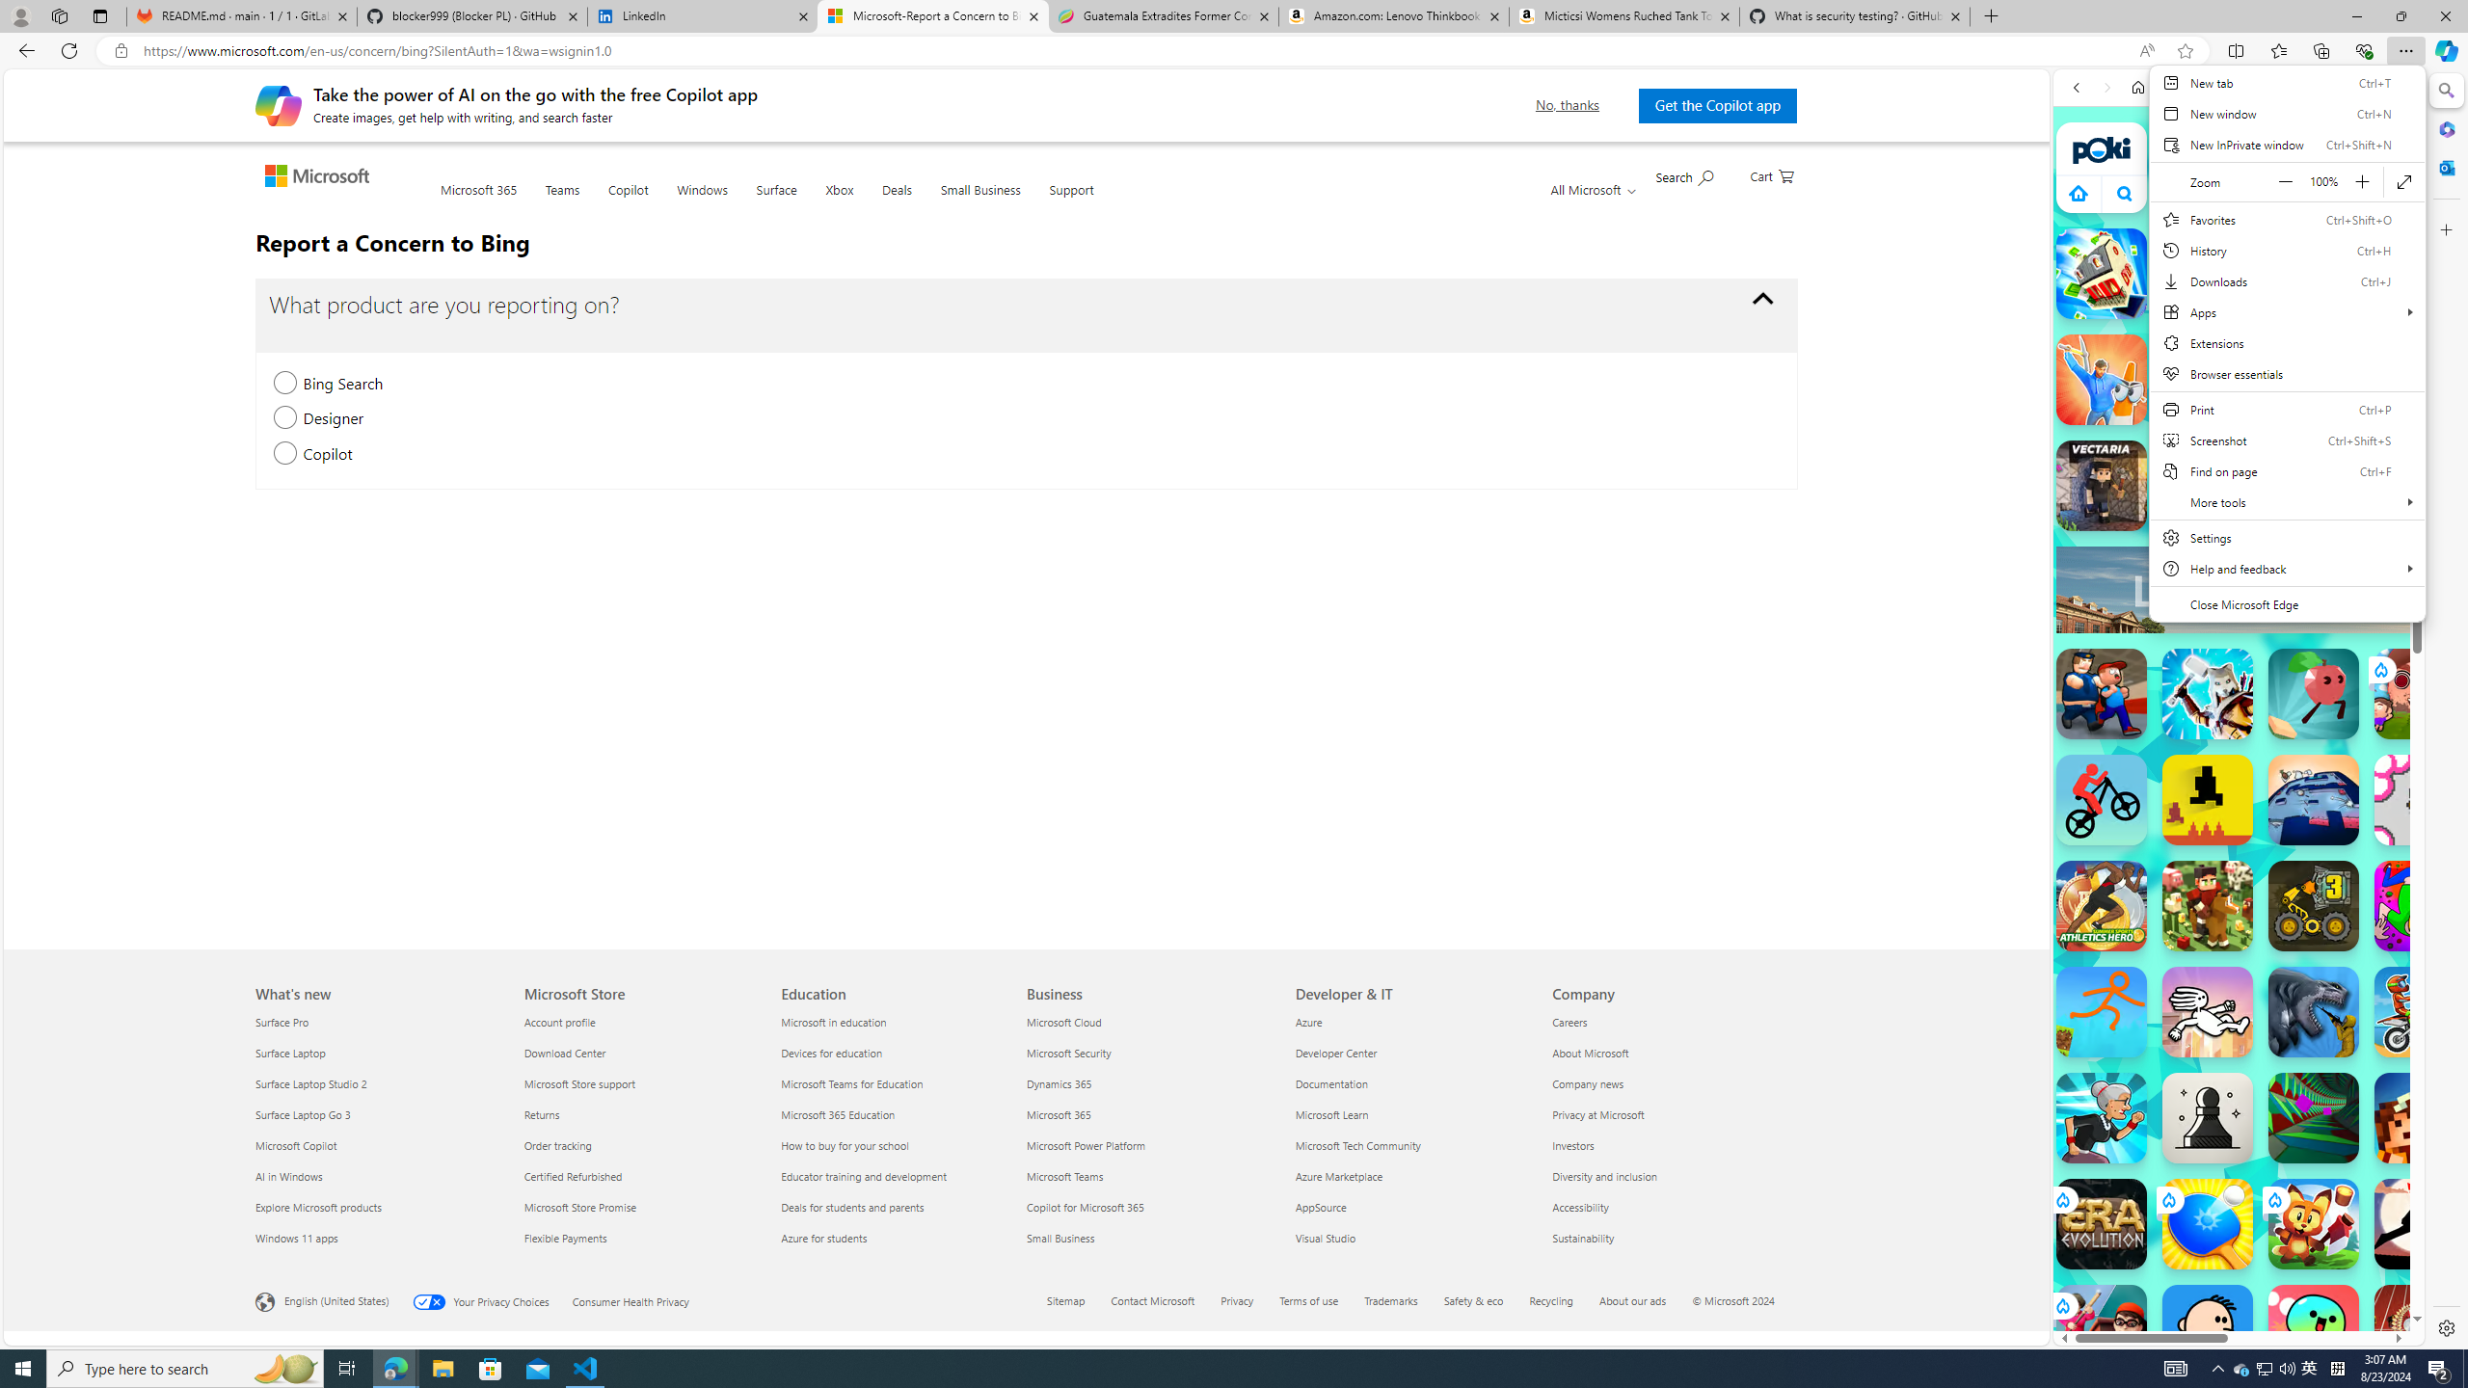 The image size is (2468, 1388). What do you see at coordinates (565, 1236) in the screenshot?
I see `'Flexible Payments Microsoft Store'` at bounding box center [565, 1236].